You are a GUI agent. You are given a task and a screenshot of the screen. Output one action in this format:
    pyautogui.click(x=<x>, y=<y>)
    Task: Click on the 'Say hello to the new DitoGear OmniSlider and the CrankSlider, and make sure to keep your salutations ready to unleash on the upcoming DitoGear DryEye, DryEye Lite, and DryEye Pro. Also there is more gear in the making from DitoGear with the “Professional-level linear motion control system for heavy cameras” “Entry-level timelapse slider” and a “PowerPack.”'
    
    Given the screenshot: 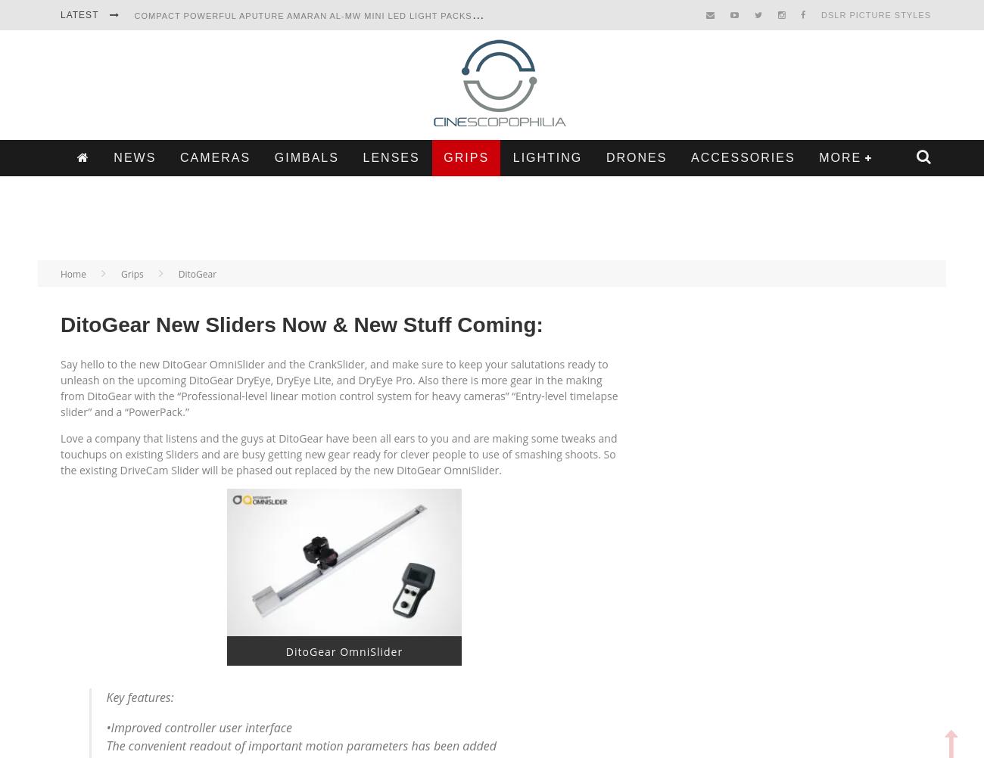 What is the action you would take?
    pyautogui.click(x=60, y=388)
    